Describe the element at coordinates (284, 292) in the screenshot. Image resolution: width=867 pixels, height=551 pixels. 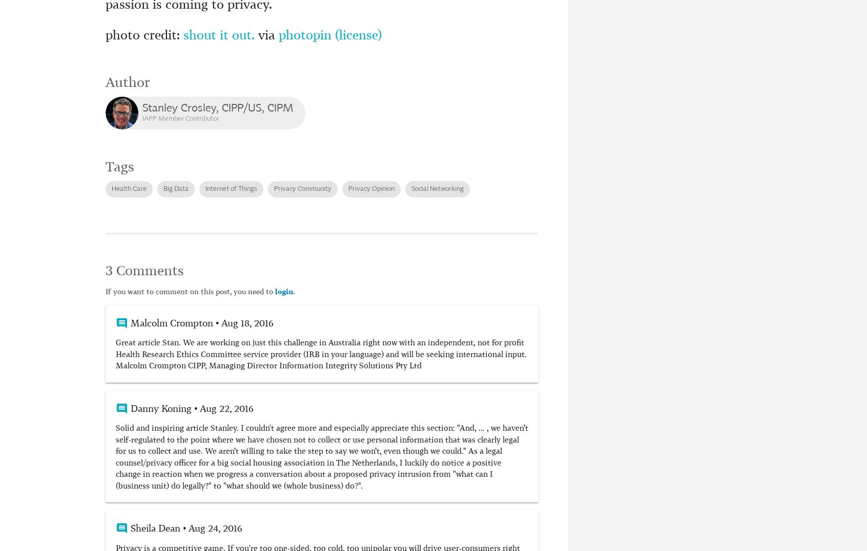
I see `'login'` at that location.